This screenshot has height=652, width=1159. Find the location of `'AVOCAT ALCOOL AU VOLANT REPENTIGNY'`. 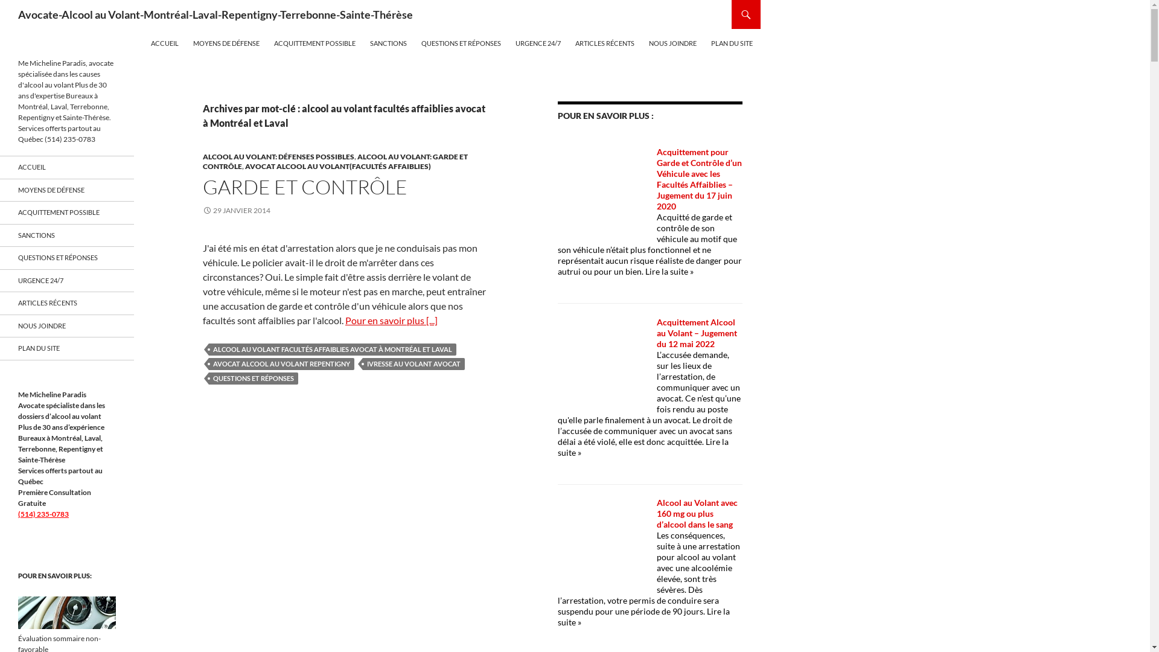

'AVOCAT ALCOOL AU VOLANT REPENTIGNY' is located at coordinates (281, 363).